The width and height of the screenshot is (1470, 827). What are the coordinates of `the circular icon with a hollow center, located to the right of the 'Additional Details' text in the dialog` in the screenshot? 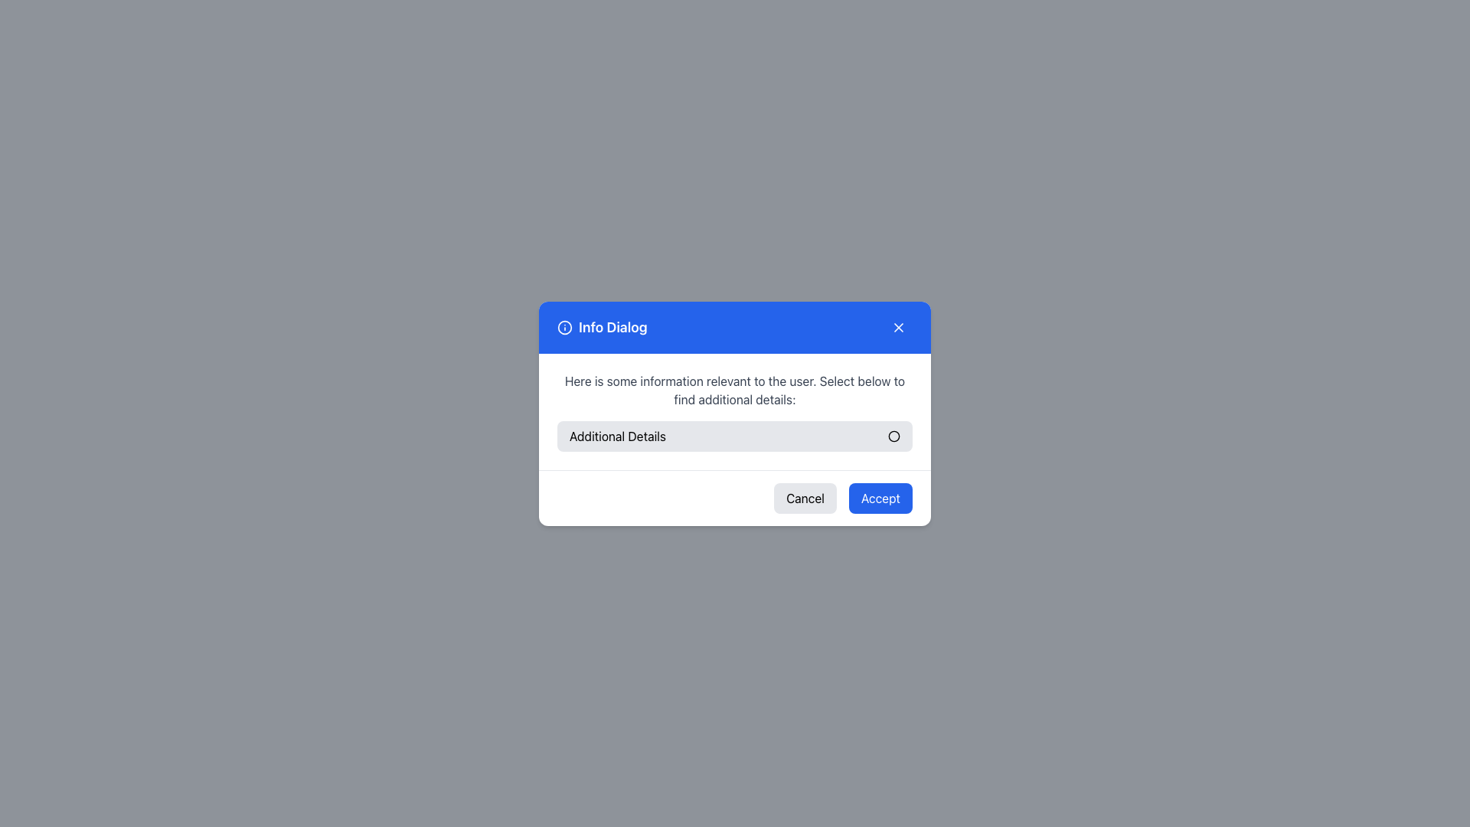 It's located at (893, 436).